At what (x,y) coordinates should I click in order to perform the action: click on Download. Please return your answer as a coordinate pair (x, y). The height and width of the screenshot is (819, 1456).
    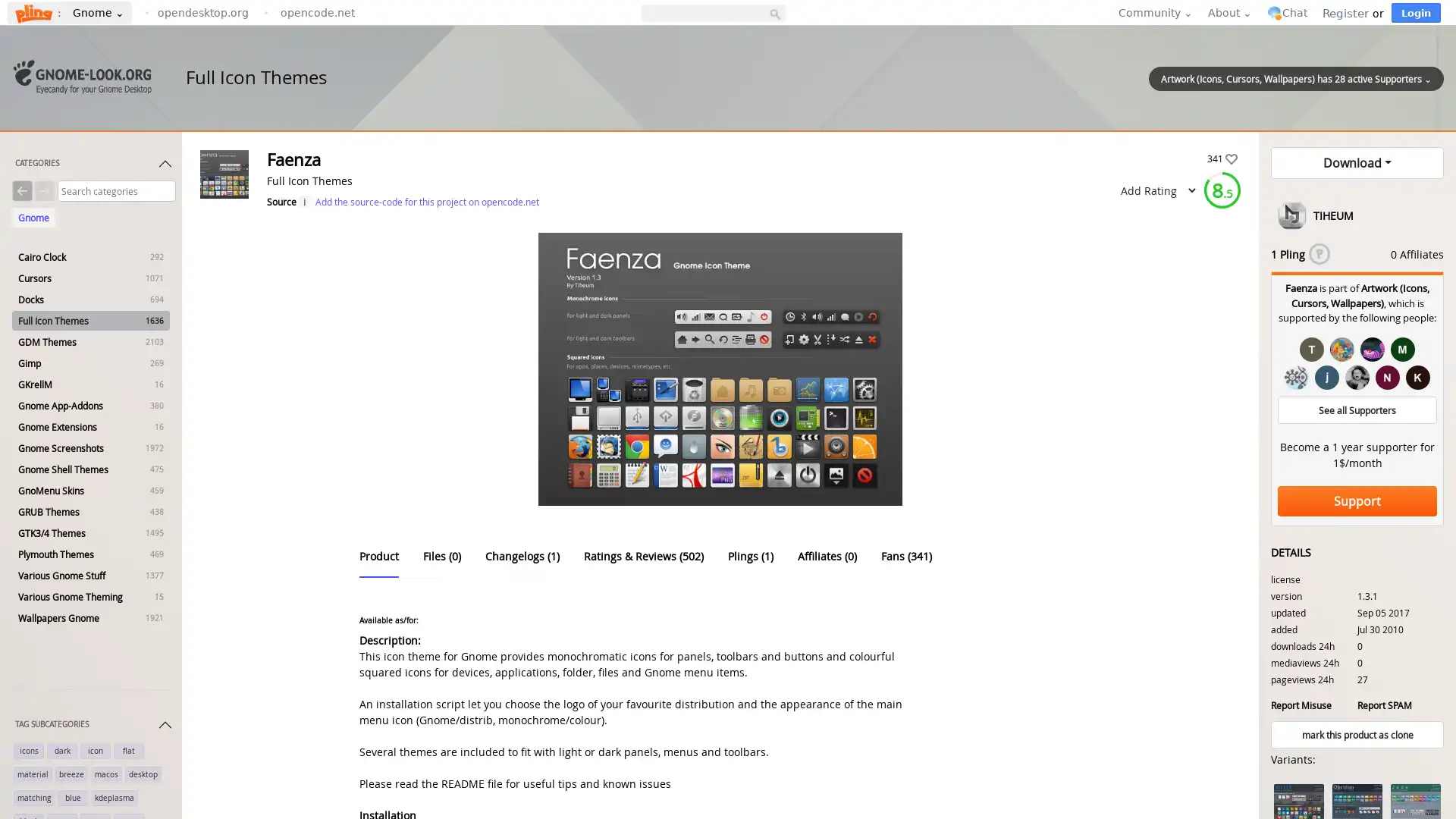
    Looking at the image, I should click on (1357, 163).